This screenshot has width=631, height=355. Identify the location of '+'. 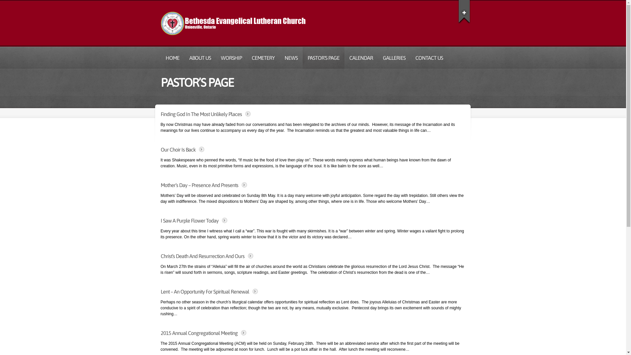
(464, 11).